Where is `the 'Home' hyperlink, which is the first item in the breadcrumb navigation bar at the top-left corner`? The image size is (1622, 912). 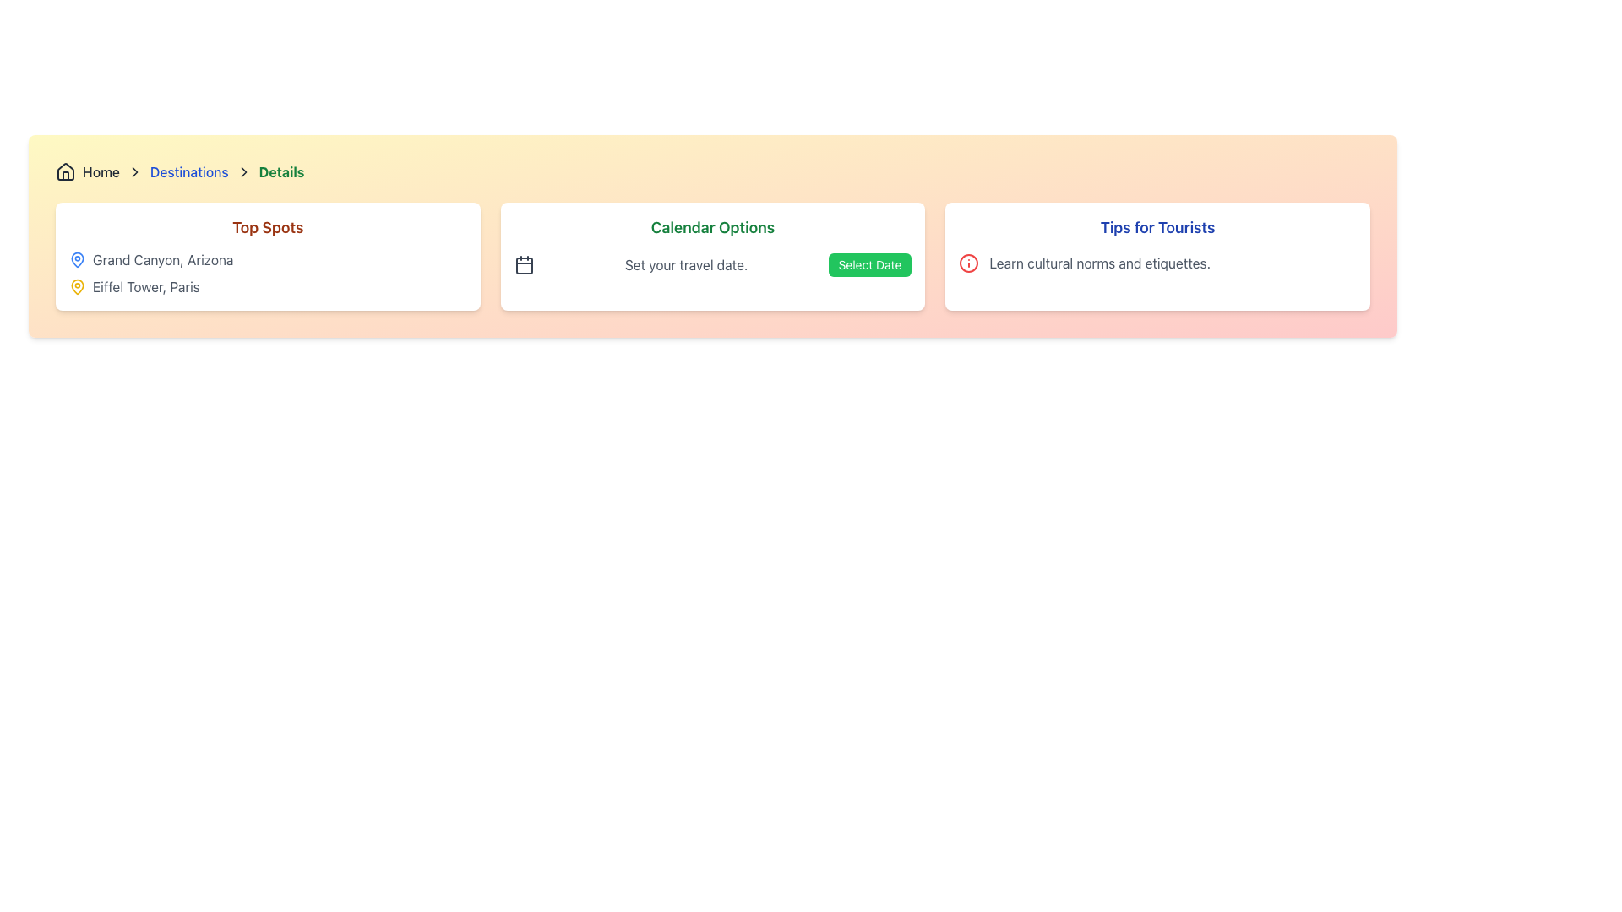
the 'Home' hyperlink, which is the first item in the breadcrumb navigation bar at the top-left corner is located at coordinates (87, 172).